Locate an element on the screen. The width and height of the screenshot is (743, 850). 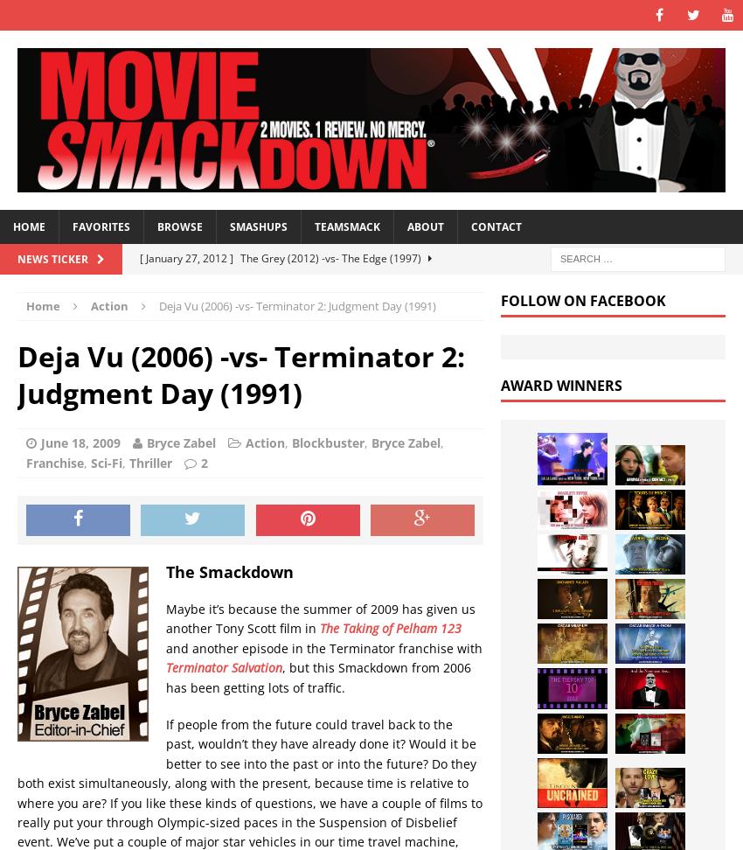
'[ December 25, 2011 ]' is located at coordinates (195, 466).